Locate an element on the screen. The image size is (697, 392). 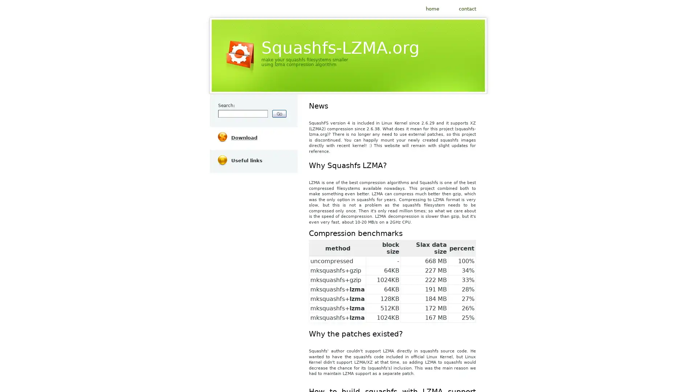
submit is located at coordinates (279, 114).